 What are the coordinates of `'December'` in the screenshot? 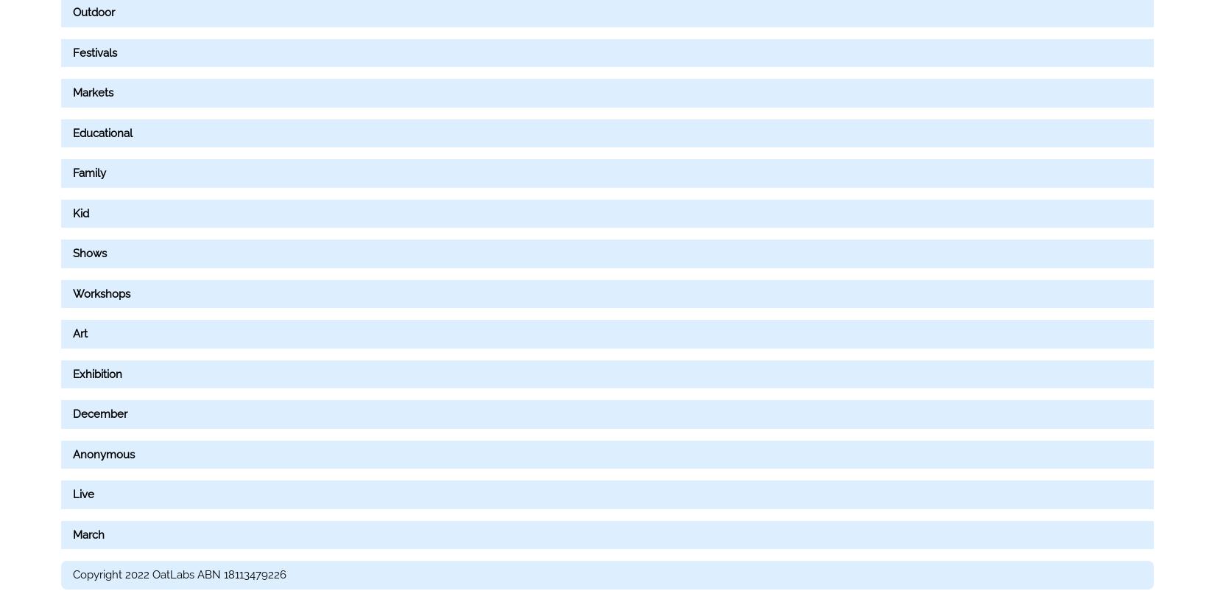 It's located at (99, 413).